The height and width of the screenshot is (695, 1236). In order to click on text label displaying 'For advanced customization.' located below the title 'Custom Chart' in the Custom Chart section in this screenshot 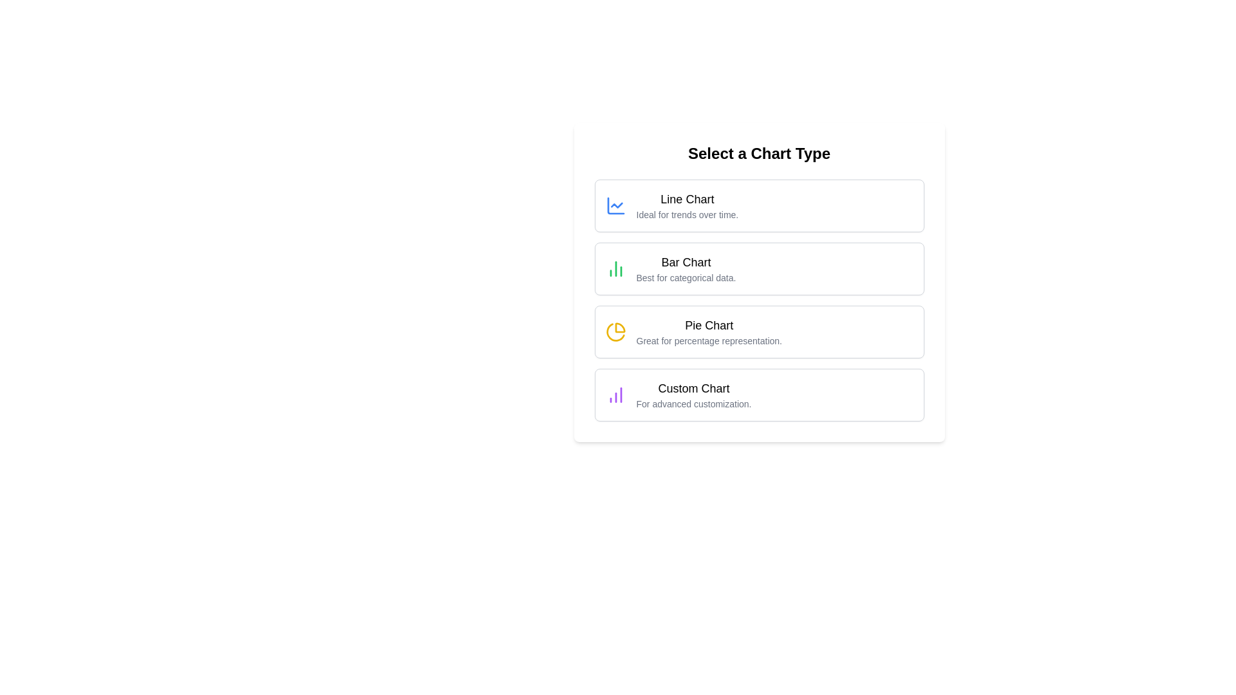, I will do `click(693, 403)`.